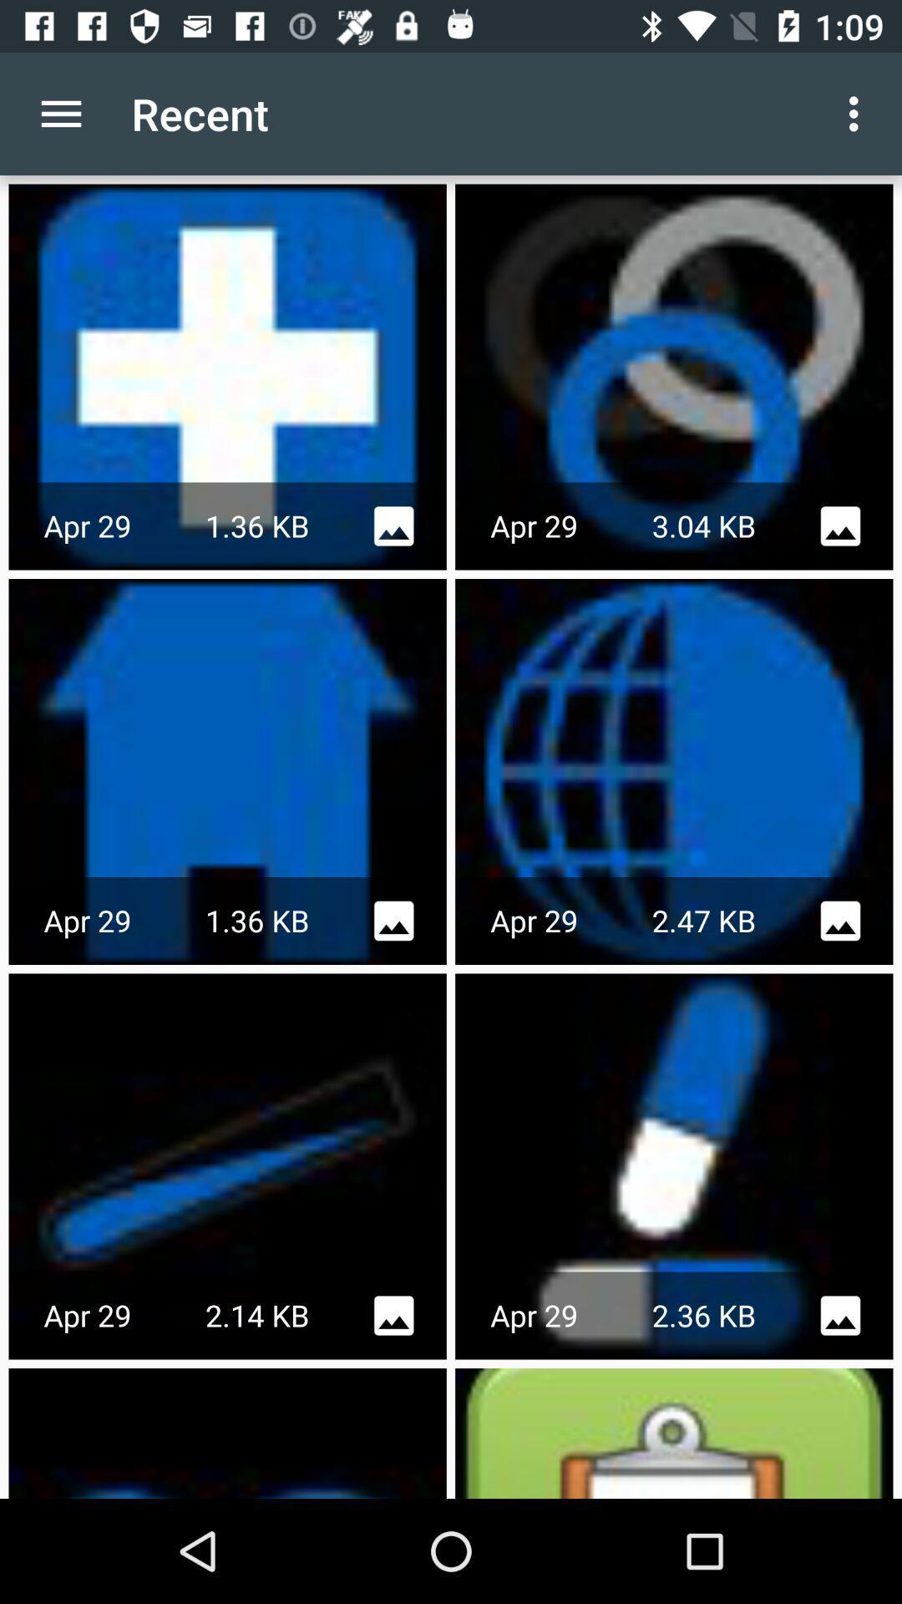 This screenshot has width=902, height=1604. Describe the element at coordinates (60, 113) in the screenshot. I see `app next to recent item` at that location.